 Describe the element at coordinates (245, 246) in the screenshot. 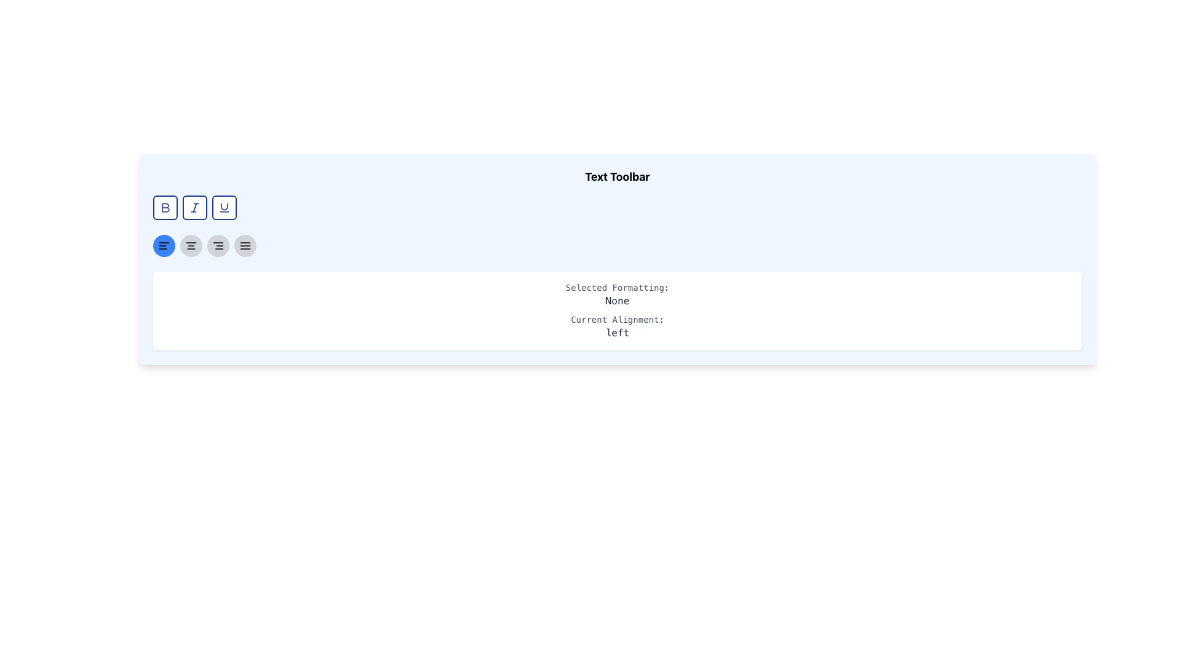

I see `the justify icon button, which is a dark gray icon resembling three stacked horizontal lines on a light gray circular button` at that location.